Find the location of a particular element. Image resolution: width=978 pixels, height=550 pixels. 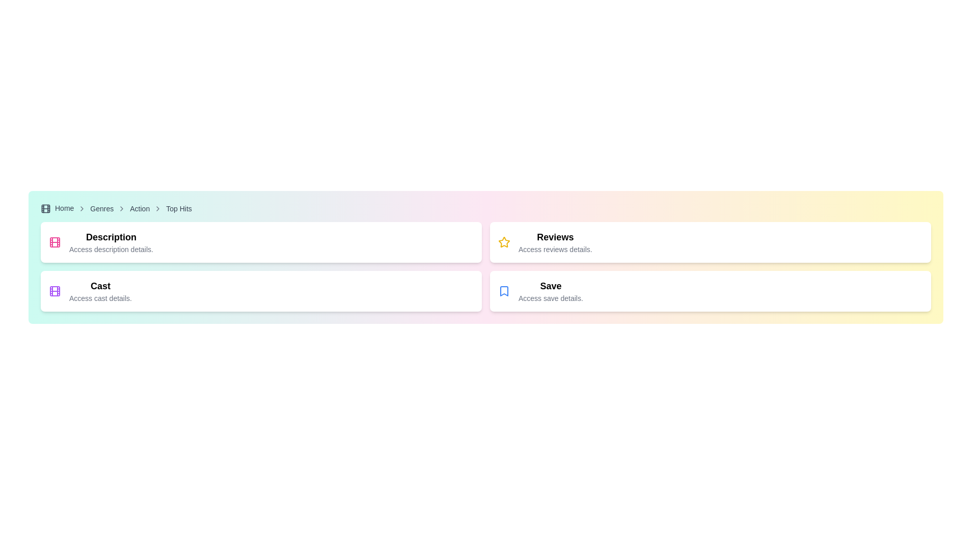

the film reel-shaped icon with a pink hue located in the leftmost 'Description' card, to the left of the label text is located at coordinates (55, 242).